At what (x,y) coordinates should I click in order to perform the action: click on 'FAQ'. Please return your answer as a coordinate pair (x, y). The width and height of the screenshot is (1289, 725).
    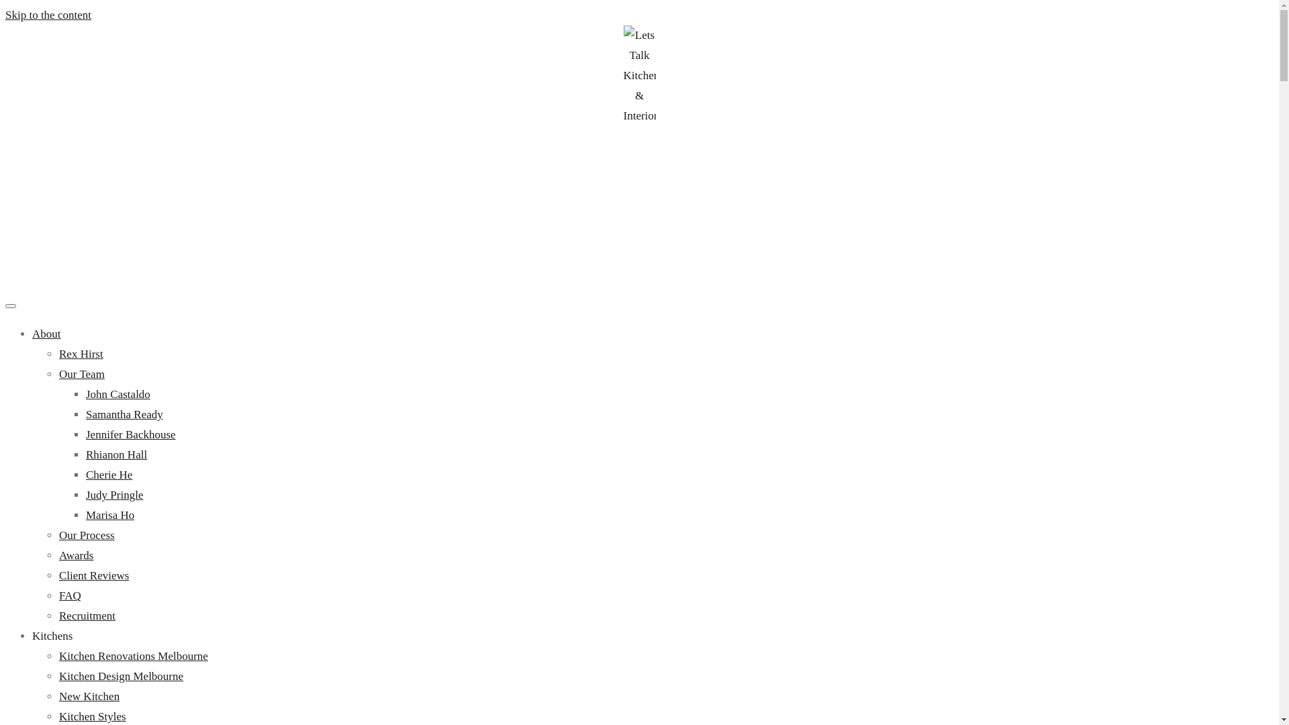
    Looking at the image, I should click on (69, 595).